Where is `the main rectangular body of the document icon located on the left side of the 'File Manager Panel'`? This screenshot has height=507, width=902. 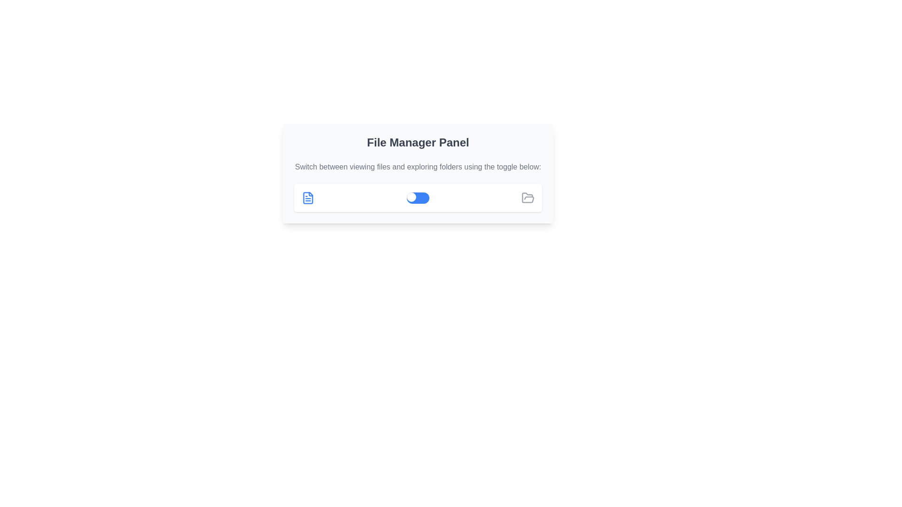
the main rectangular body of the document icon located on the left side of the 'File Manager Panel' is located at coordinates (308, 197).